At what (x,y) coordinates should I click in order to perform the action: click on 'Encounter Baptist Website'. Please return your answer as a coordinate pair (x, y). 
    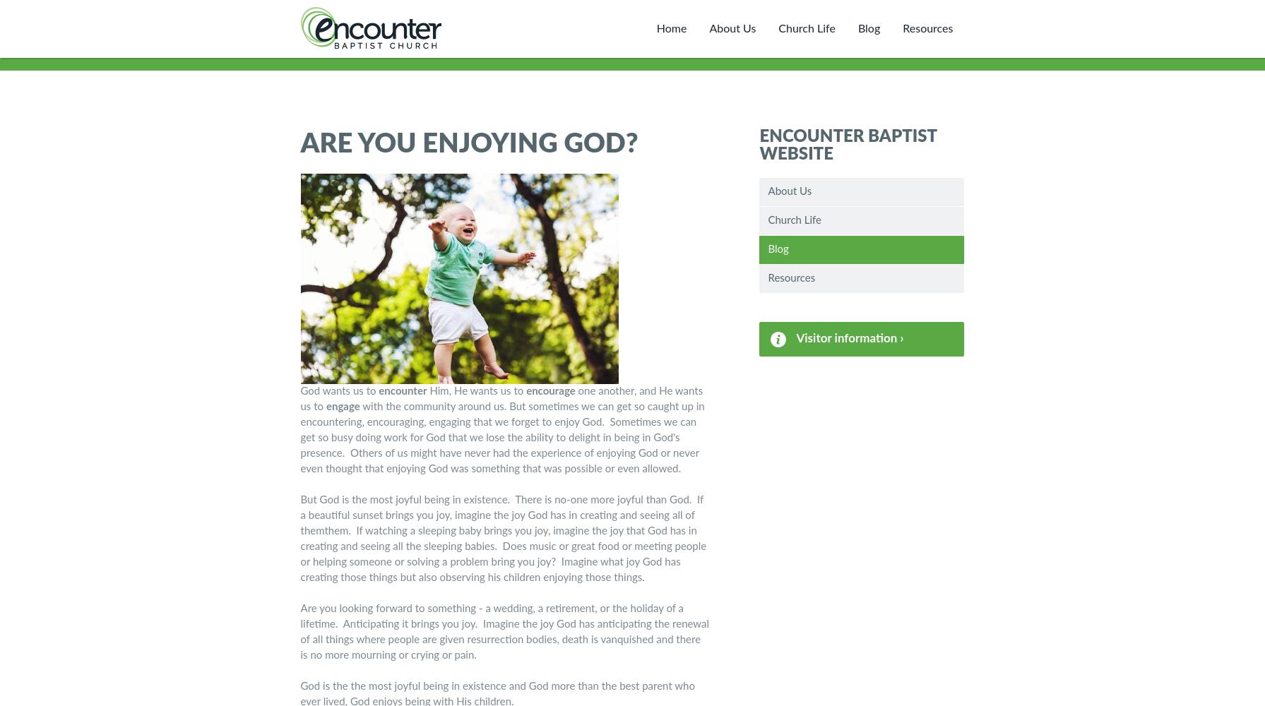
    Looking at the image, I should click on (847, 145).